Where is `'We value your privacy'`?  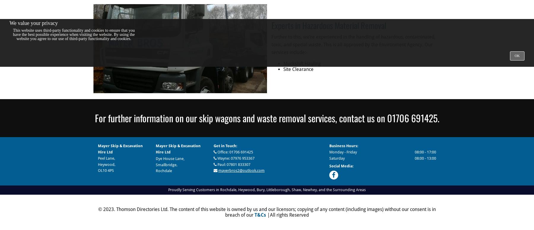 'We value your privacy' is located at coordinates (34, 23).